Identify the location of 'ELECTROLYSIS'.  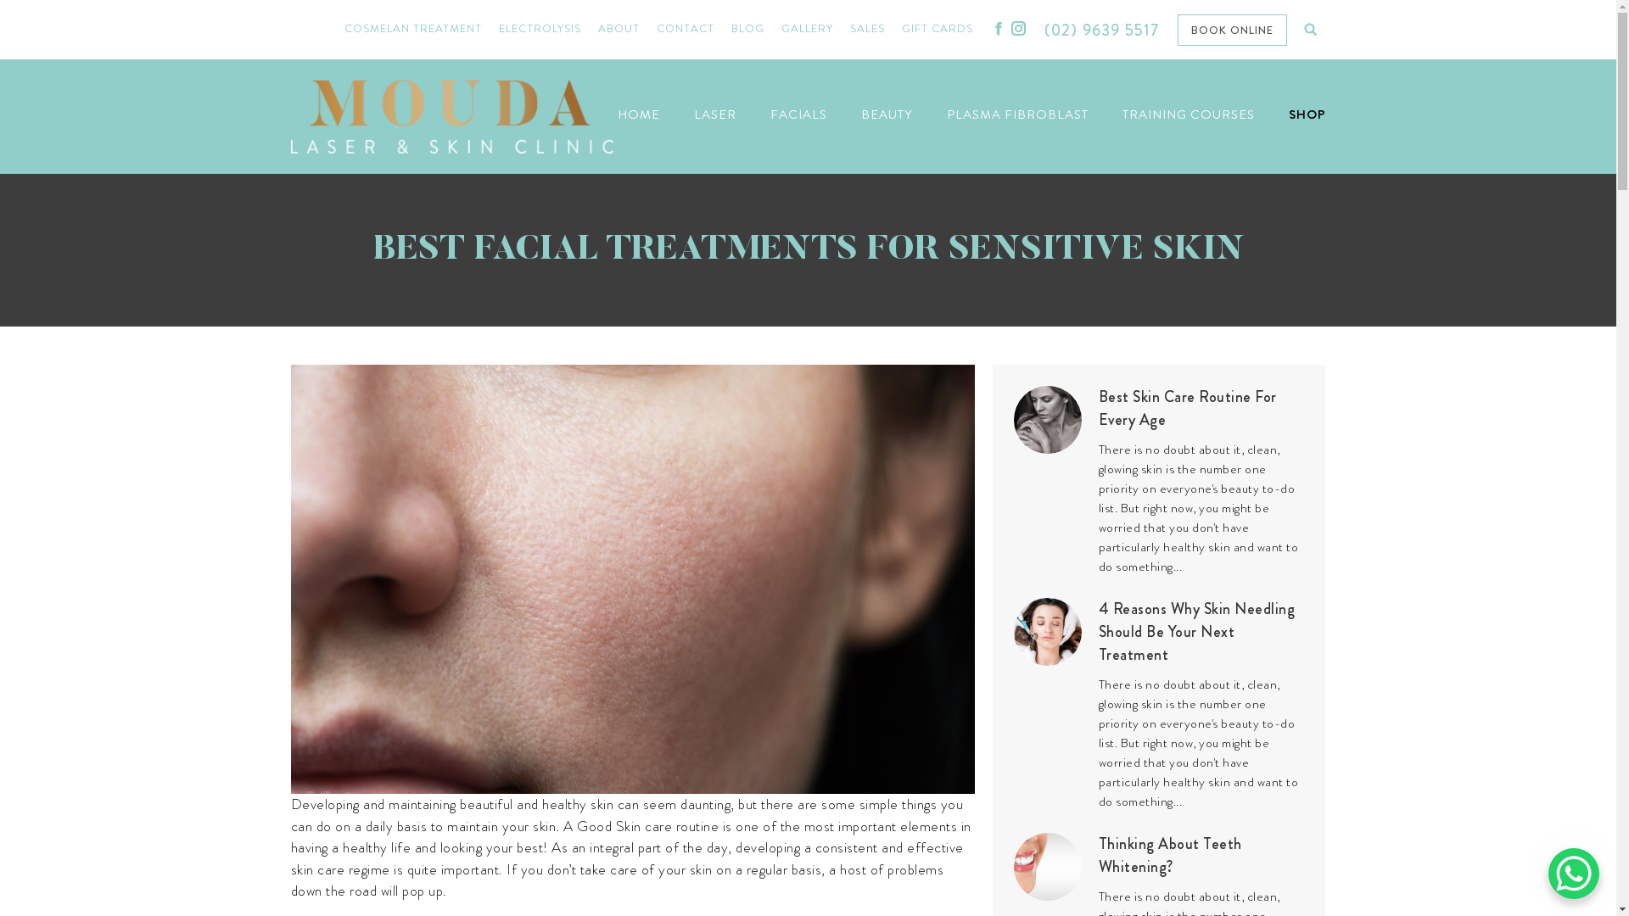
(539, 29).